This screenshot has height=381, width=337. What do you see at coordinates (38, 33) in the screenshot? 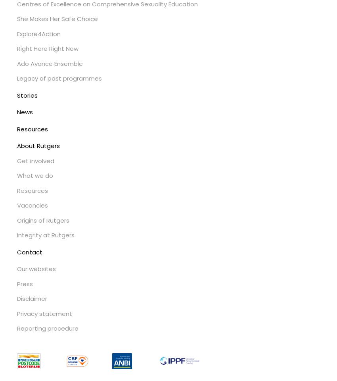
I see `'Explore4Action'` at bounding box center [38, 33].